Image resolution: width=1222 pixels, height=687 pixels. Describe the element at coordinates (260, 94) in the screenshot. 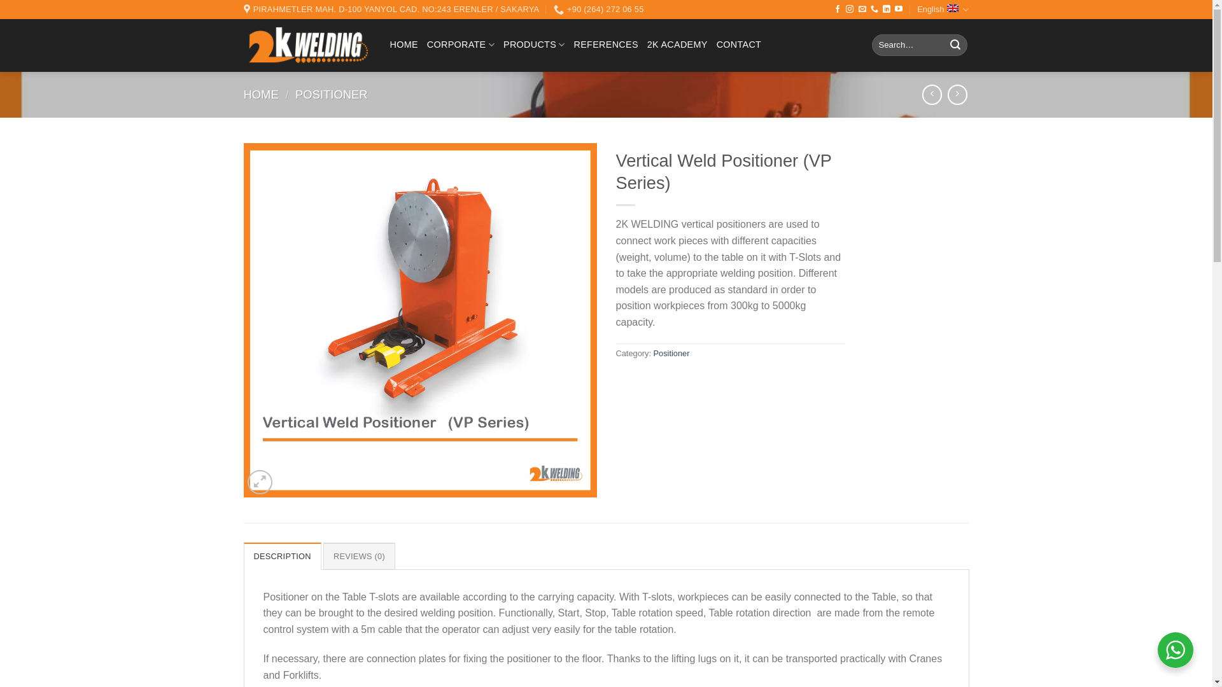

I see `'HOME'` at that location.